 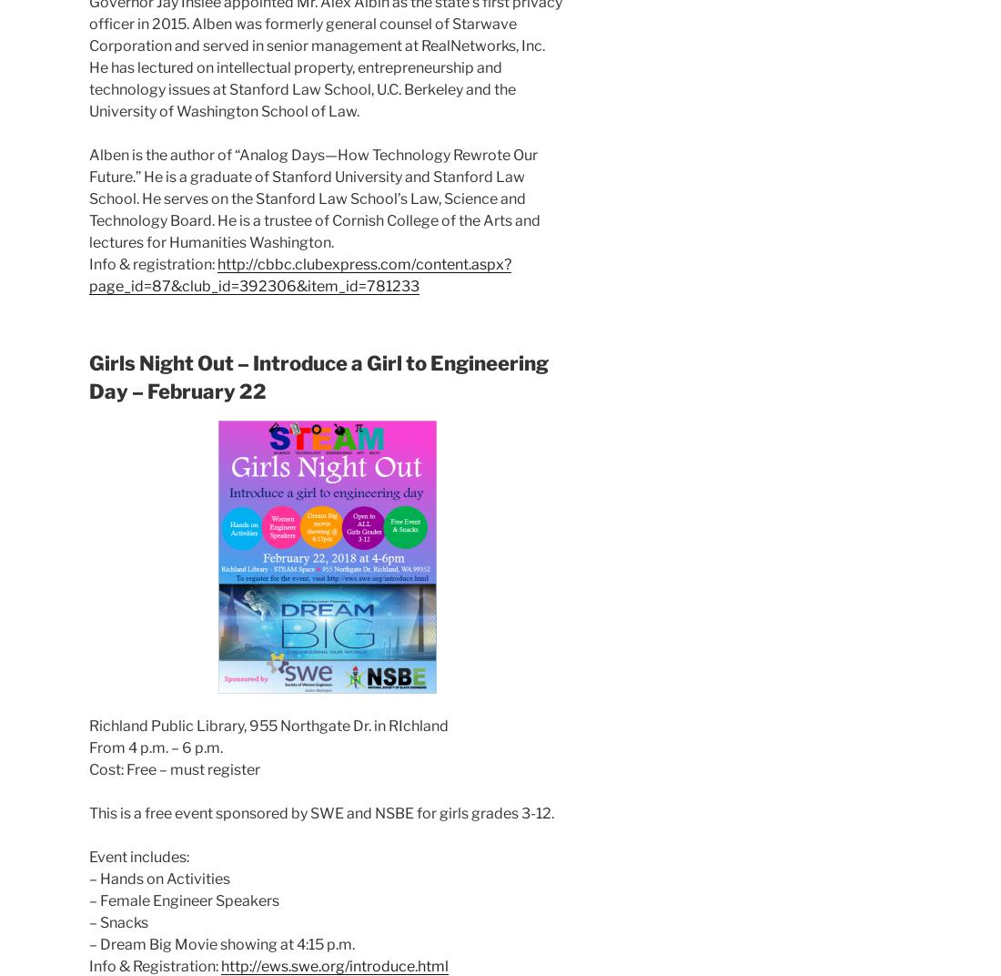 I want to click on '– Female Engineer Speakers', so click(x=183, y=899).